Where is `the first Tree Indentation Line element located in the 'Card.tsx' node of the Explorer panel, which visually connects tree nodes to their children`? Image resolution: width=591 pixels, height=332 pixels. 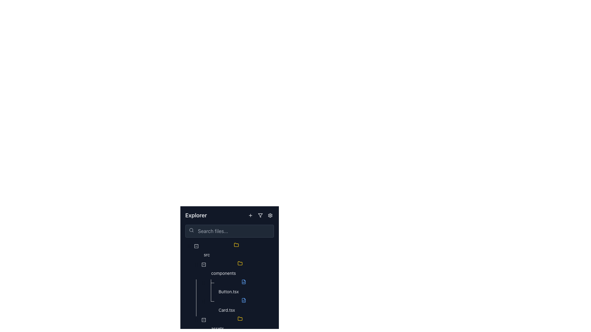 the first Tree Indentation Line element located in the 'Card.tsx' node of the Explorer panel, which visually connects tree nodes to their children is located at coordinates (192, 306).